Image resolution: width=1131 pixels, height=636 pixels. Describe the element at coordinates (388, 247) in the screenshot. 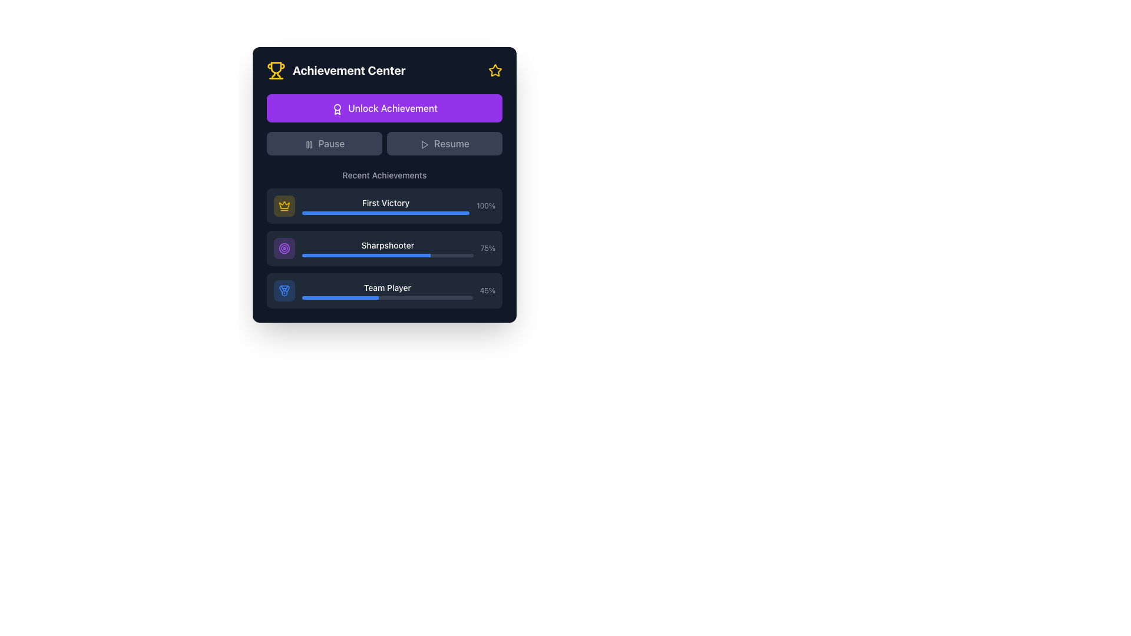

I see `the static text label displaying 'Sharpshooter', which is centered within the dark background box in the Achievement Center interface` at that location.